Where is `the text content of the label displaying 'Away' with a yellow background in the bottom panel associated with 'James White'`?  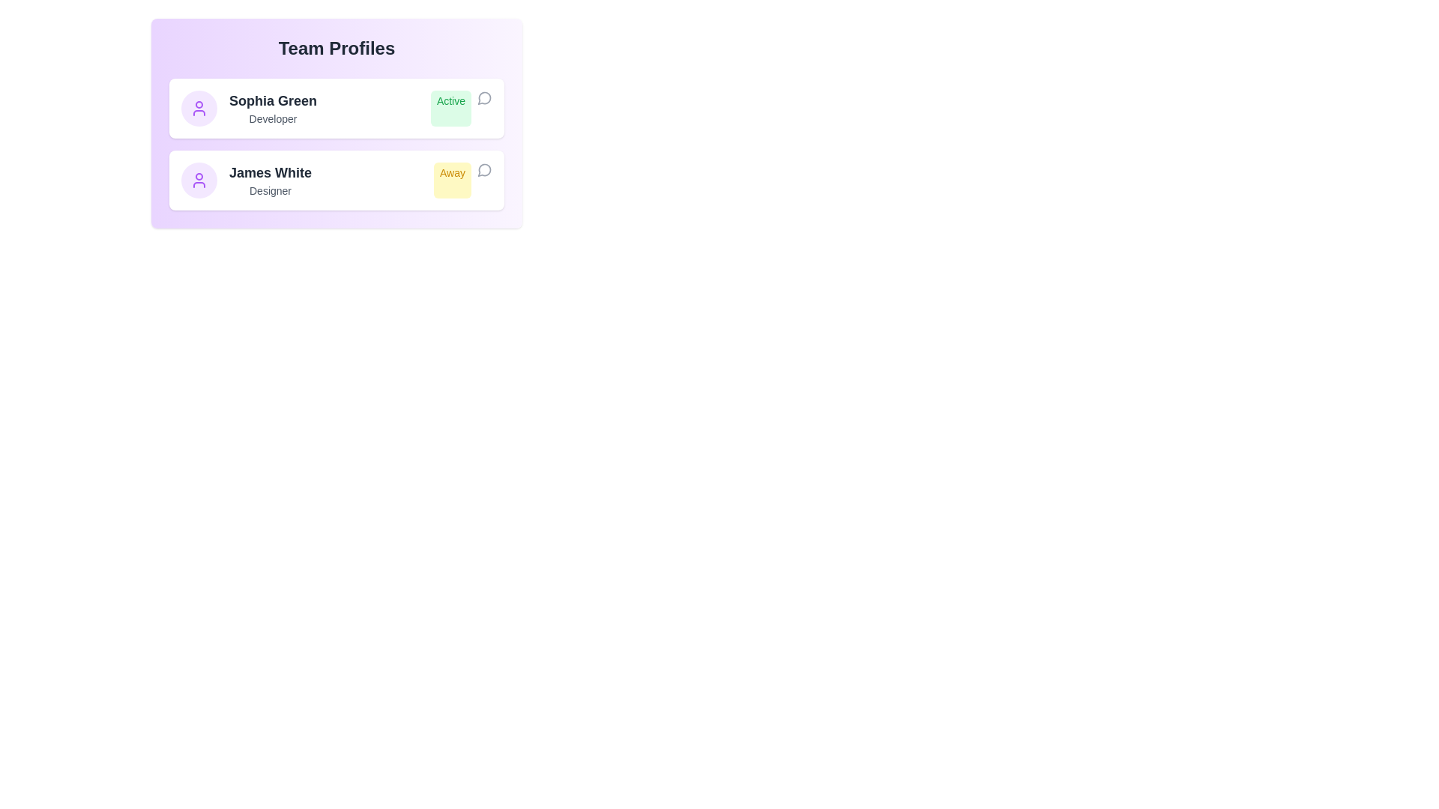 the text content of the label displaying 'Away' with a yellow background in the bottom panel associated with 'James White' is located at coordinates (462, 179).